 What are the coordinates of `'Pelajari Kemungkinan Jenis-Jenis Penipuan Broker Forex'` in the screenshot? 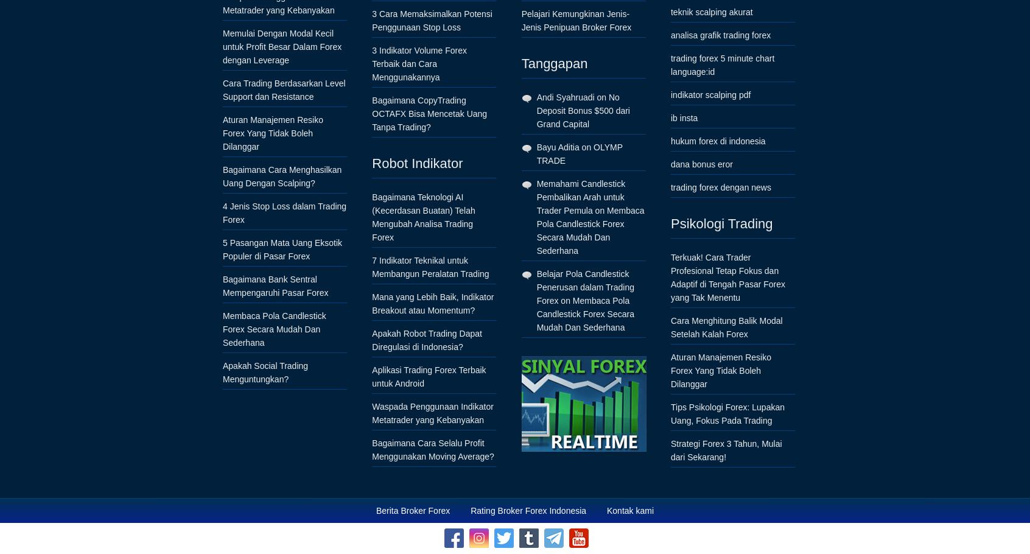 It's located at (520, 19).